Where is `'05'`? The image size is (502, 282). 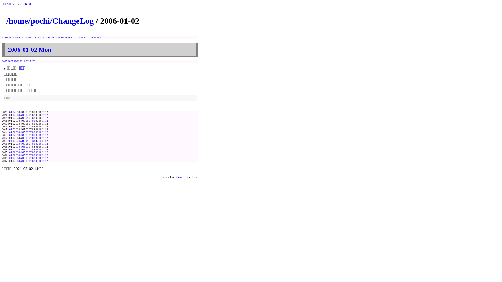 '05' is located at coordinates (22, 152).